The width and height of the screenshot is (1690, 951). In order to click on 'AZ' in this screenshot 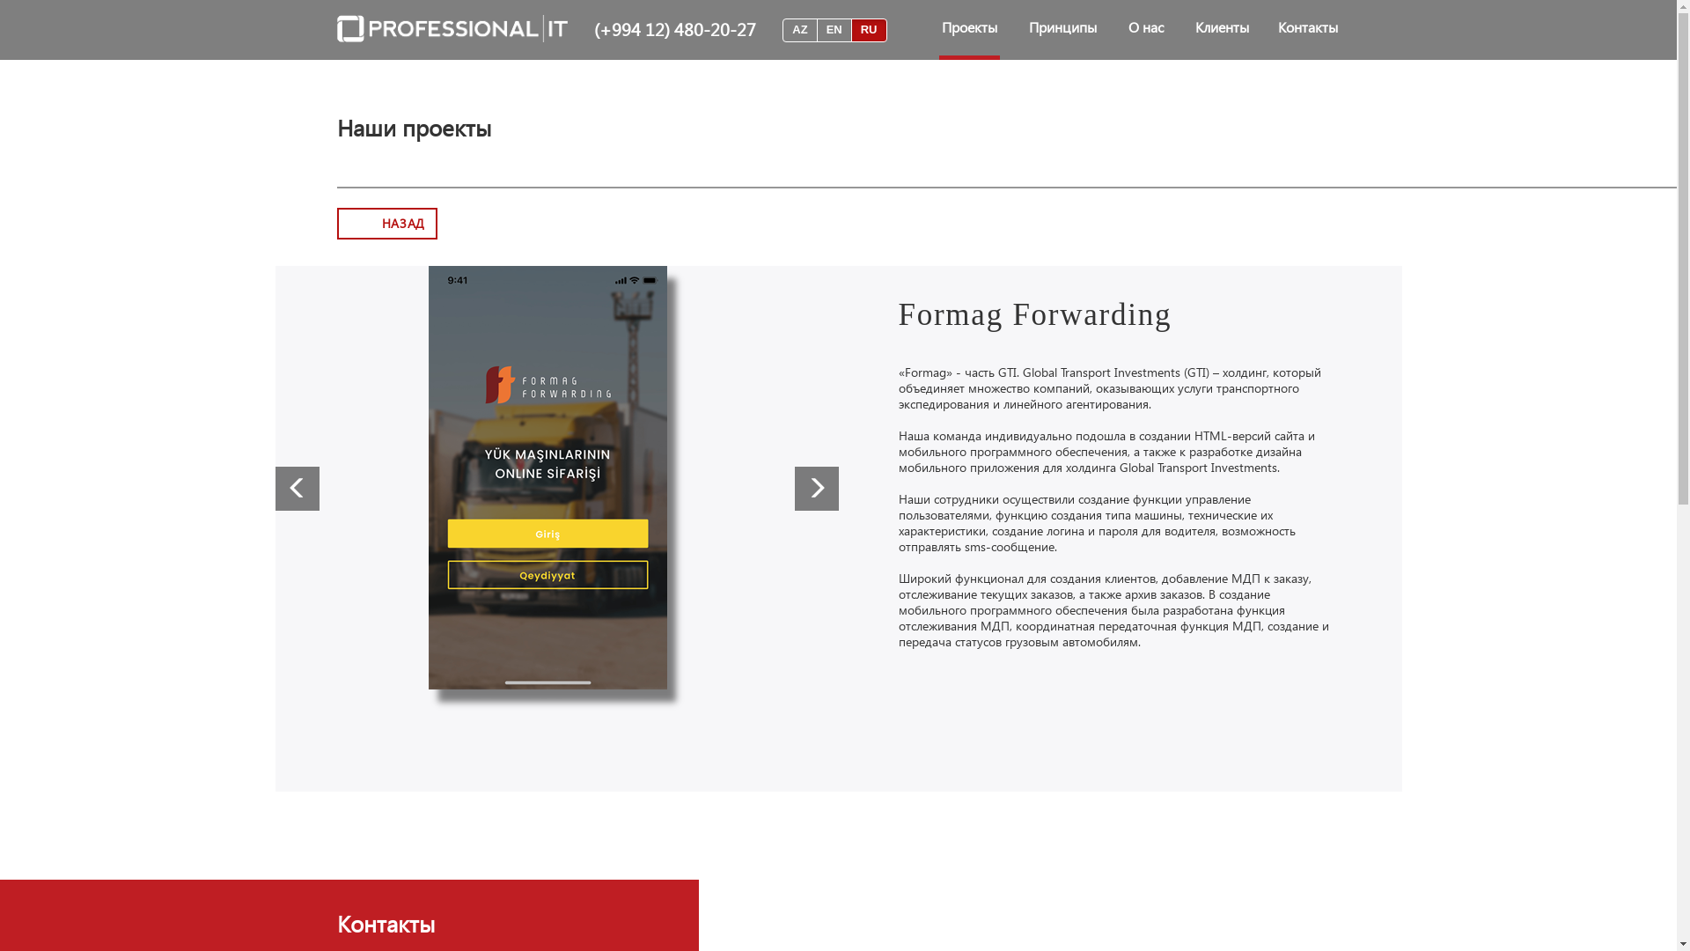, I will do `click(798, 30)`.